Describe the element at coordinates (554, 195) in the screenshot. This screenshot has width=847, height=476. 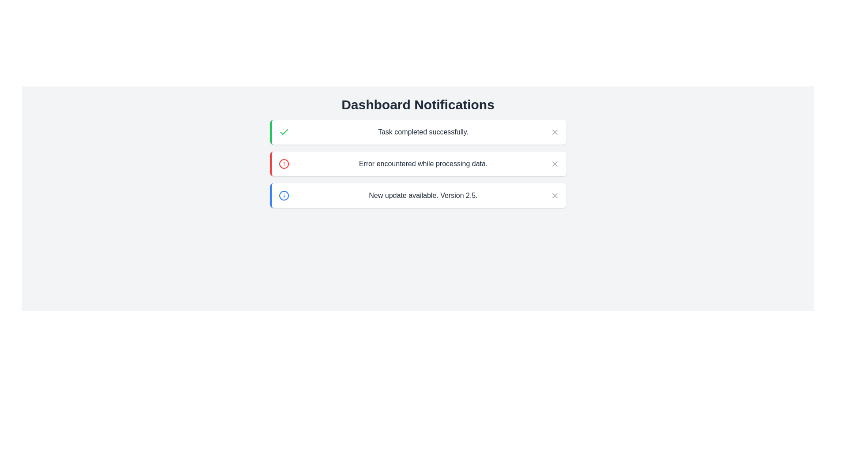
I see `the diagonal cross (X-shaped) icon, which is the central feature of the SVG graphic in the third notification row labeled 'New update available. Version 2.5.'` at that location.